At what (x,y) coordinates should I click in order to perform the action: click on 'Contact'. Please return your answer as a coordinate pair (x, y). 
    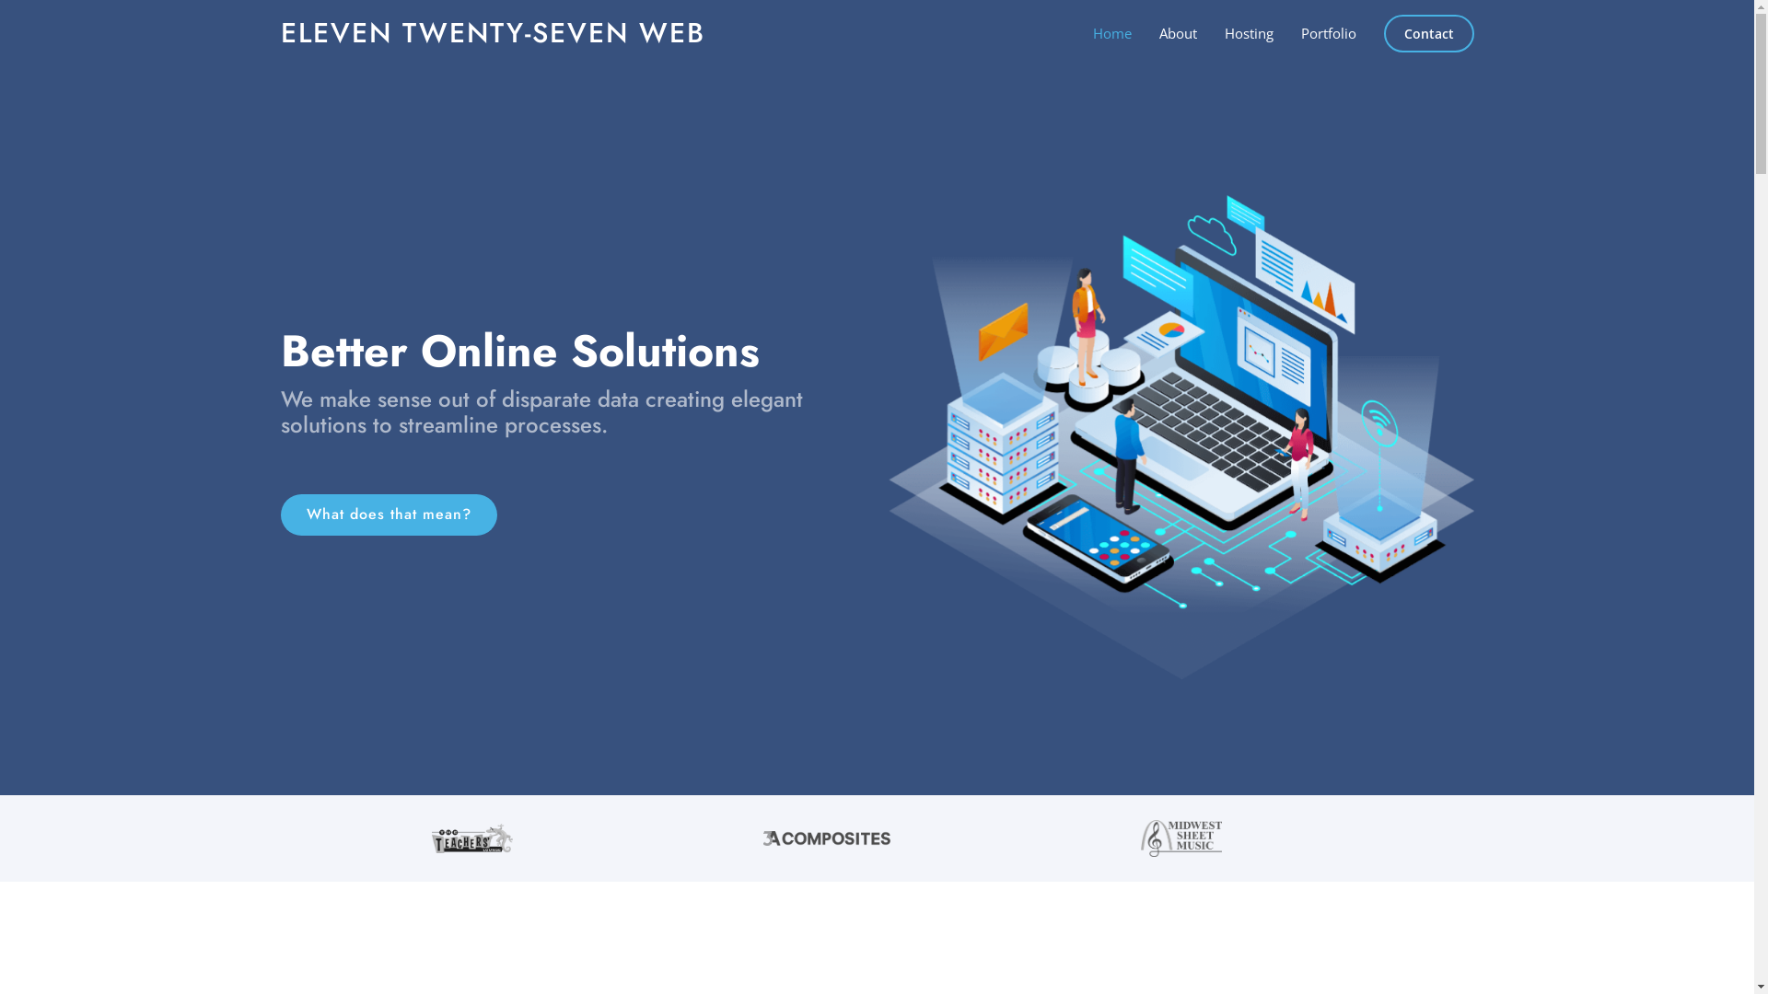
    Looking at the image, I should click on (1426, 33).